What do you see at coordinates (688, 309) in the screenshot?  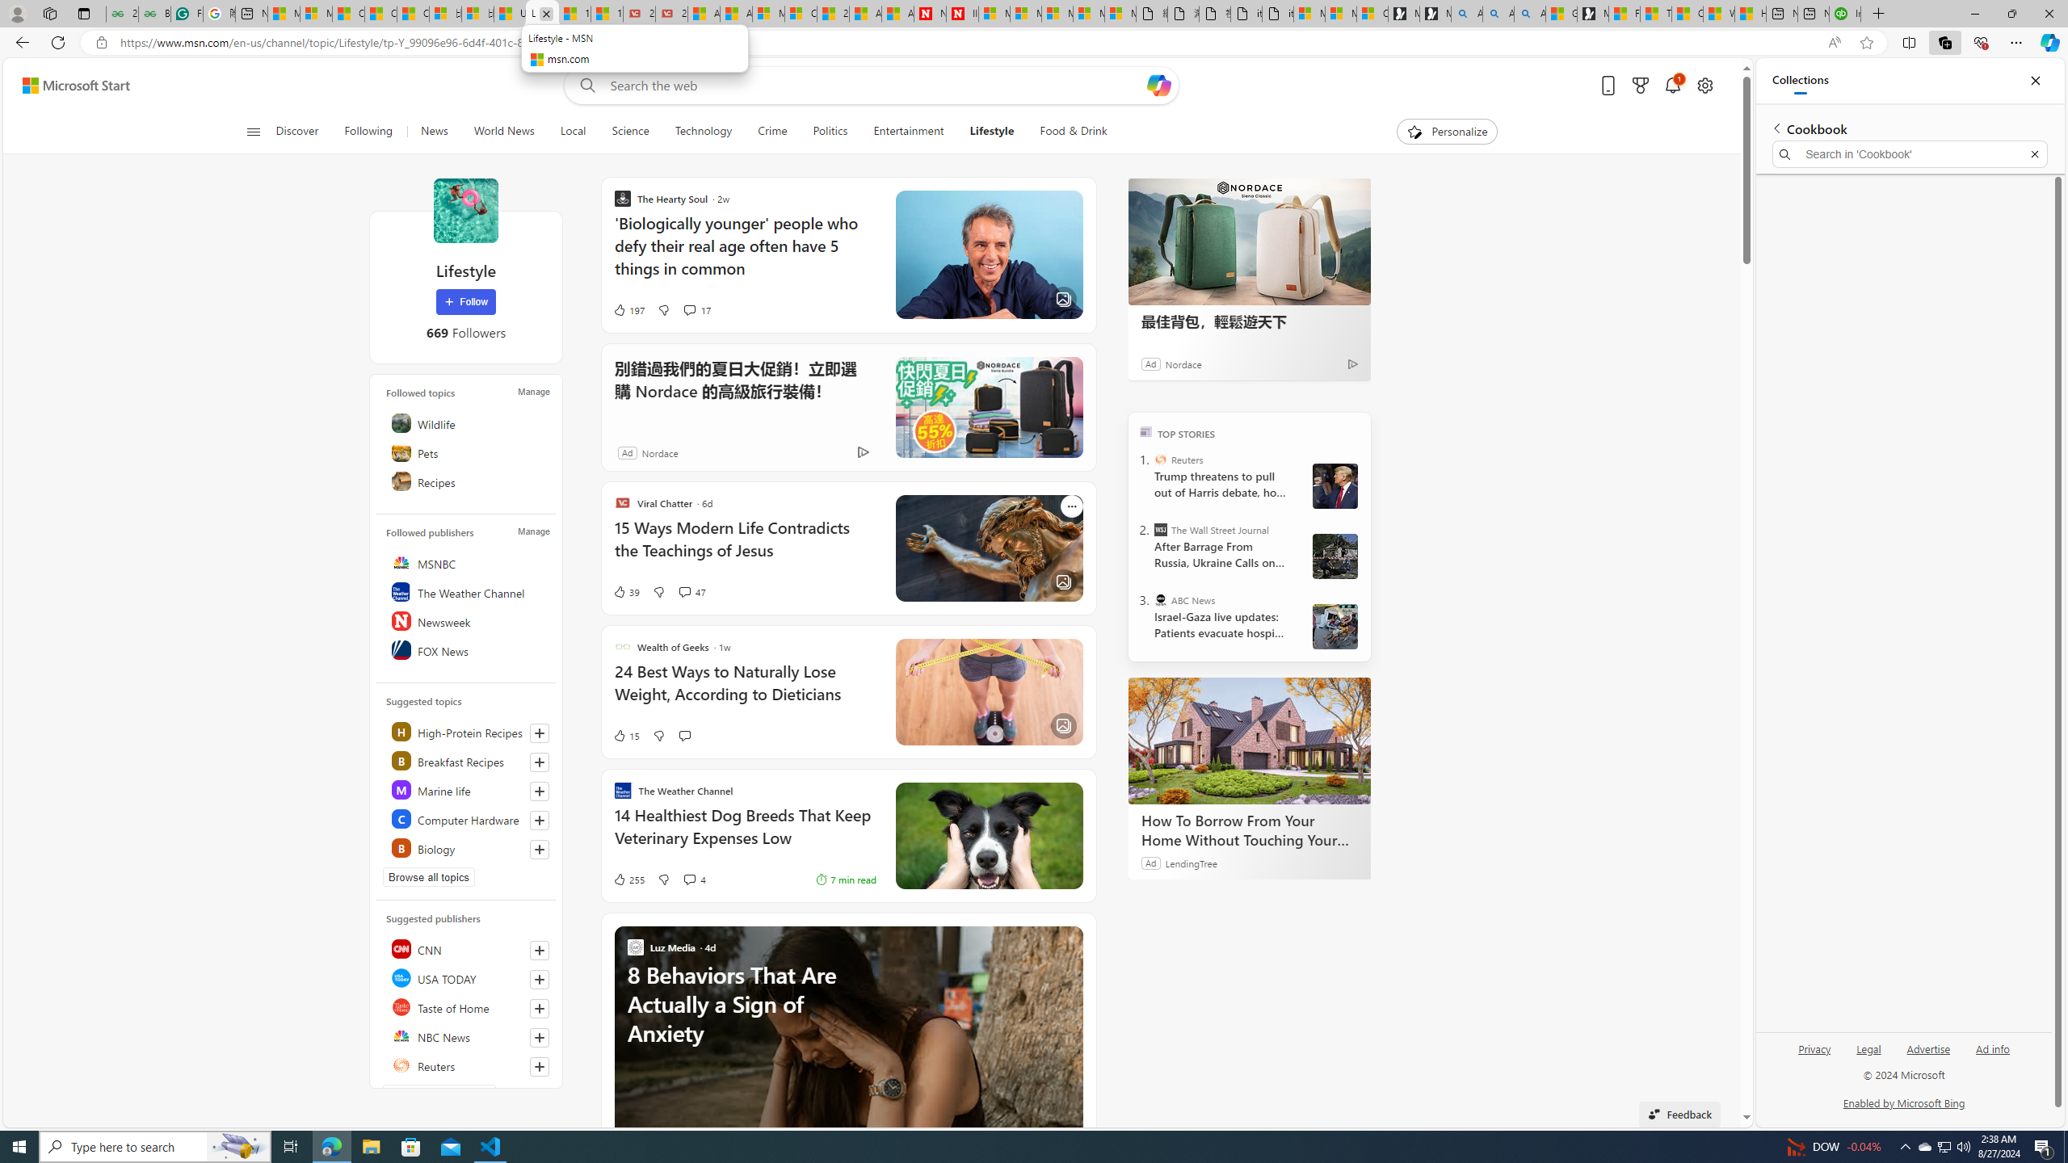 I see `'View comments 17 Comment'` at bounding box center [688, 309].